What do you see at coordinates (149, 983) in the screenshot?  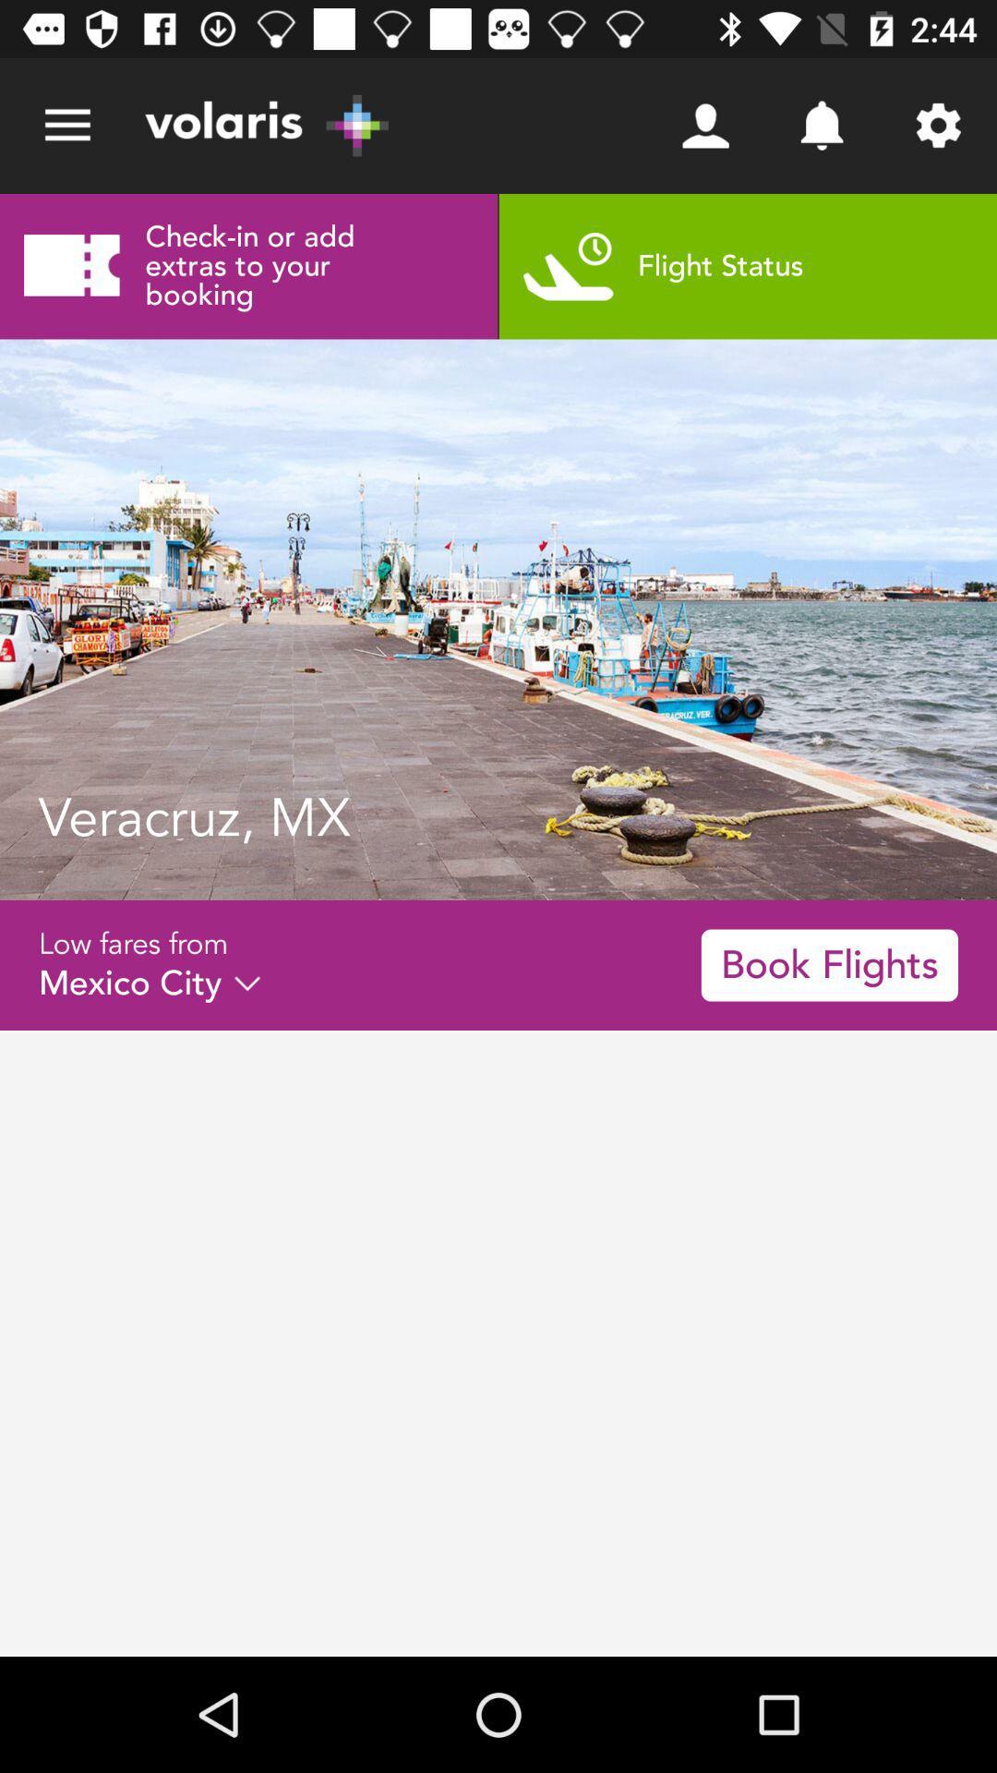 I see `the text  under the low fares from` at bounding box center [149, 983].